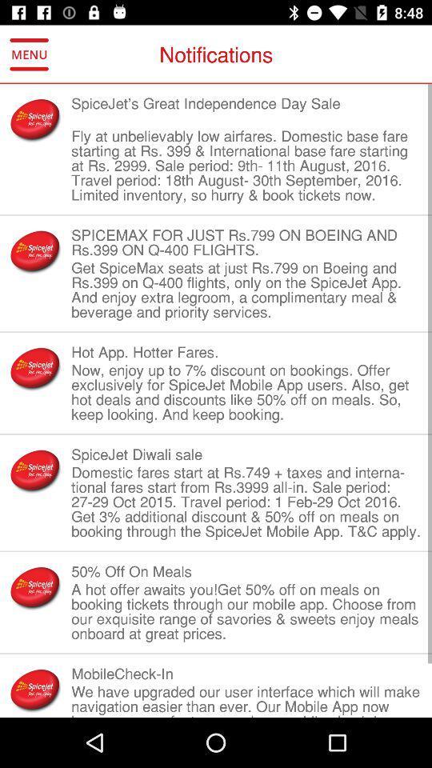 Image resolution: width=432 pixels, height=768 pixels. I want to click on icon to the left of the spicejet diwali sale icon, so click(35, 470).